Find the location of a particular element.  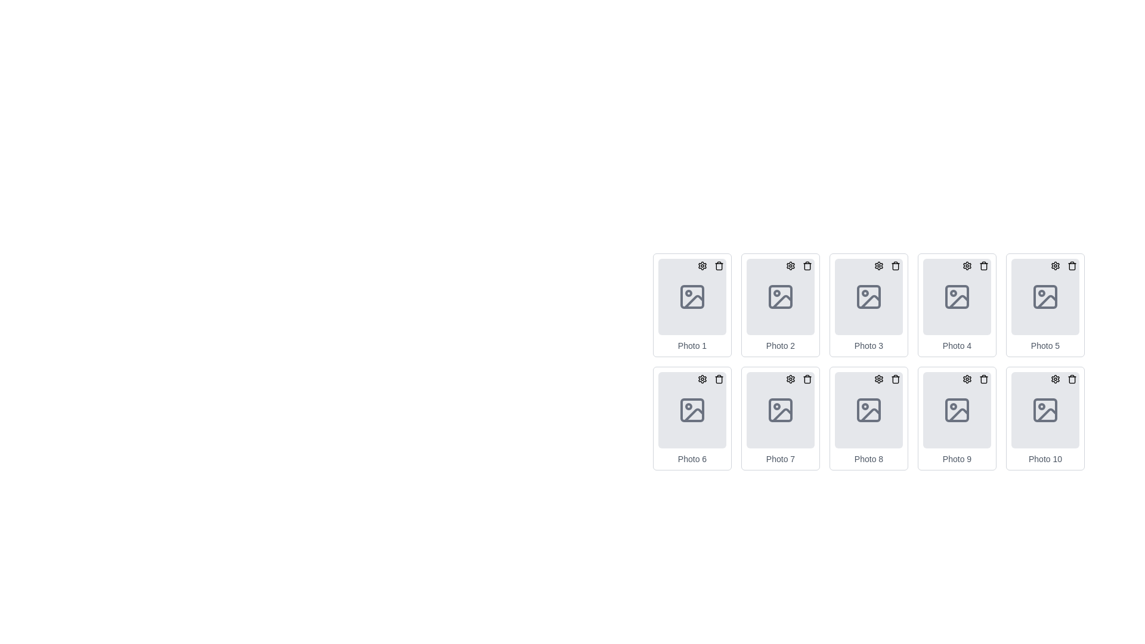

the circular trash bin button located at the top-right corner of the Photo 2 card is located at coordinates (807, 265).